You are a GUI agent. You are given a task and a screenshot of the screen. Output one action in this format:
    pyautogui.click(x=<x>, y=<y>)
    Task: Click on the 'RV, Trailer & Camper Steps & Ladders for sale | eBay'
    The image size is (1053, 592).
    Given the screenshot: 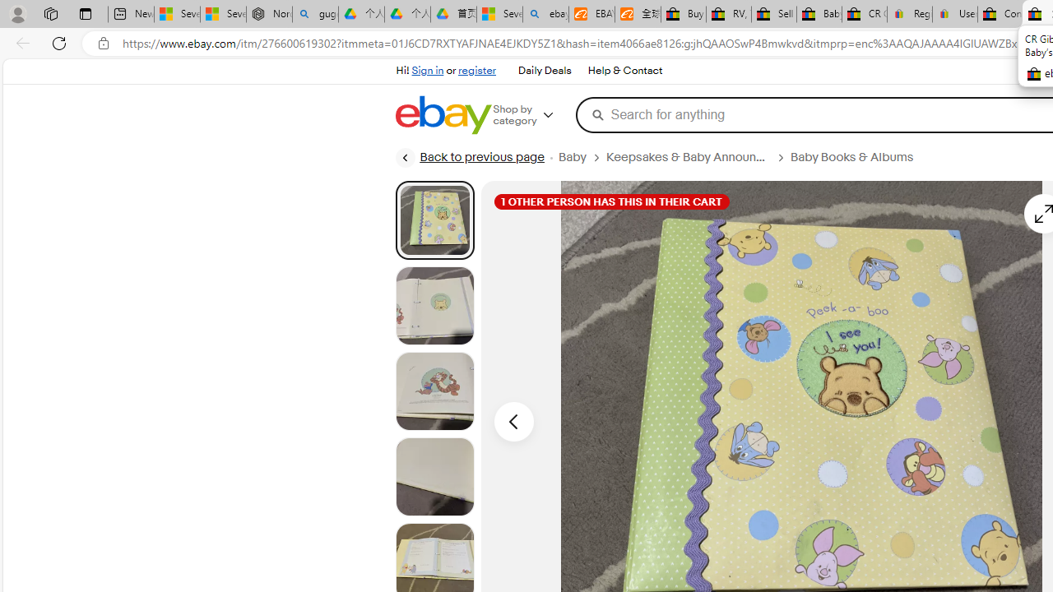 What is the action you would take?
    pyautogui.click(x=727, y=14)
    